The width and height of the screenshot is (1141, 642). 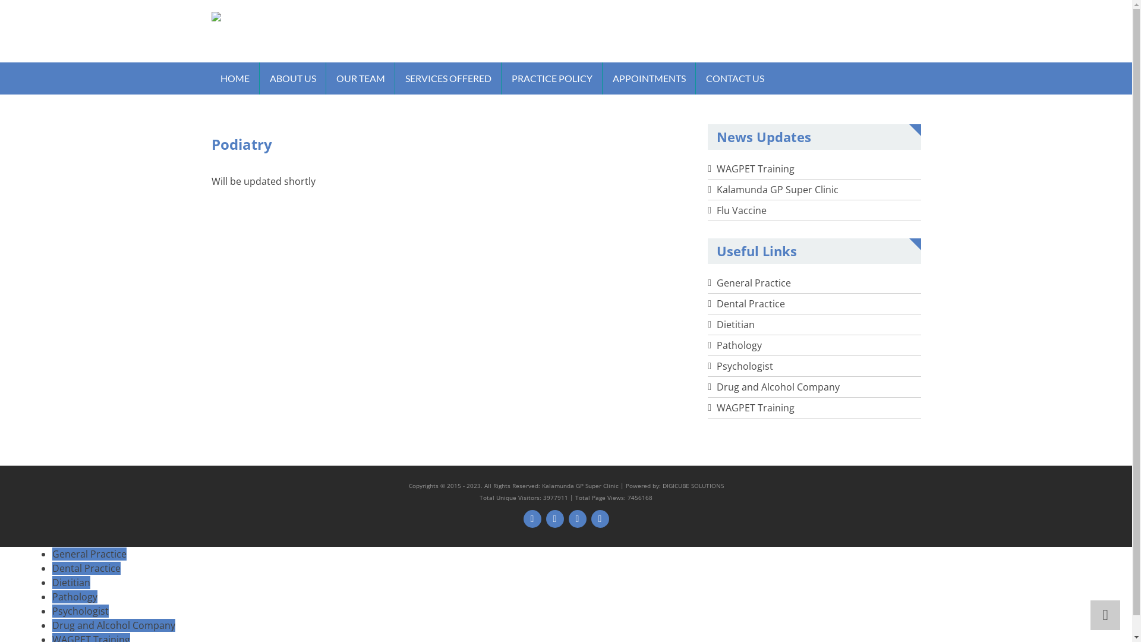 What do you see at coordinates (51, 568) in the screenshot?
I see `'Dental Practice'` at bounding box center [51, 568].